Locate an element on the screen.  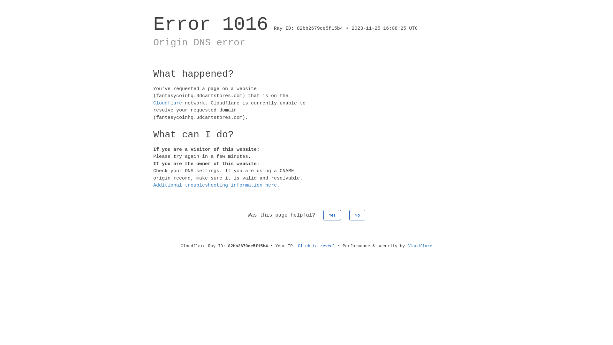
'Additional troubleshooting information here.' is located at coordinates (216, 185).